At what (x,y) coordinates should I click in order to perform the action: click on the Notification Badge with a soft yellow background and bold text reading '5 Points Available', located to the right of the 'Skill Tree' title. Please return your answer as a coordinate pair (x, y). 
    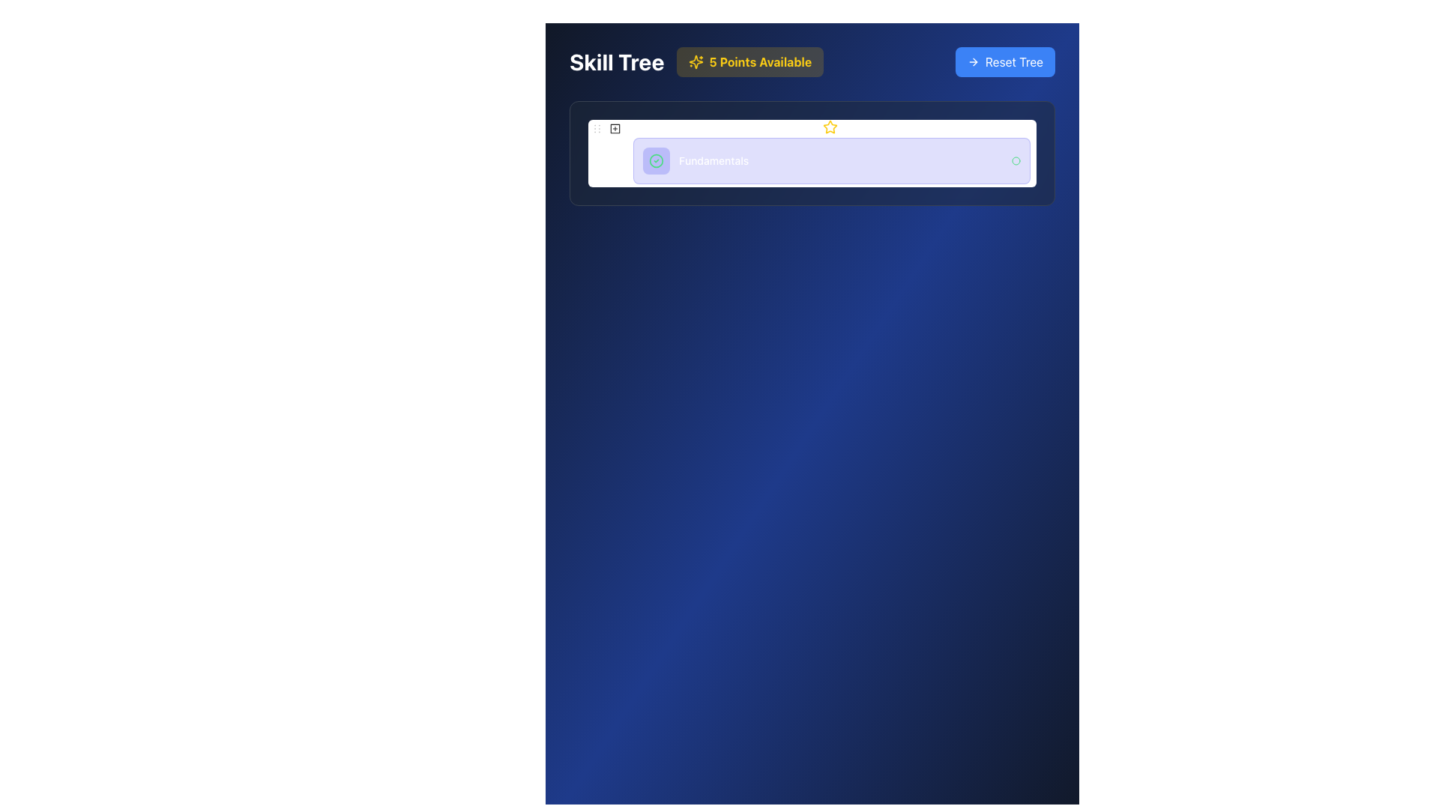
    Looking at the image, I should click on (749, 61).